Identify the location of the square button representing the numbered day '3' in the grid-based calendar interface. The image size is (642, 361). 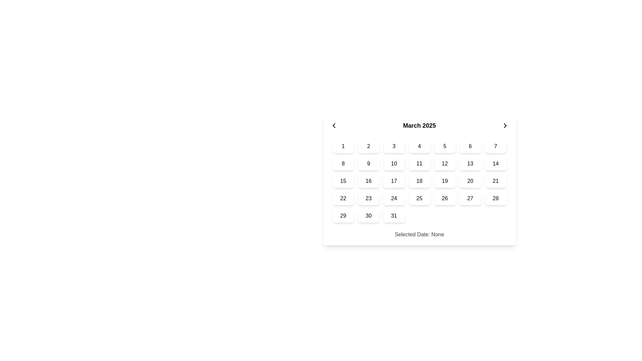
(394, 146).